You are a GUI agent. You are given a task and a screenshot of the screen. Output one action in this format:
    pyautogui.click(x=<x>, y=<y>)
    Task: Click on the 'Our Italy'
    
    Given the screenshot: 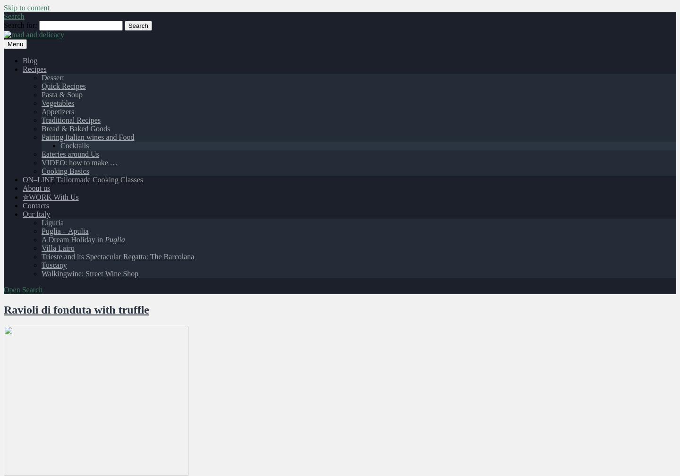 What is the action you would take?
    pyautogui.click(x=36, y=214)
    